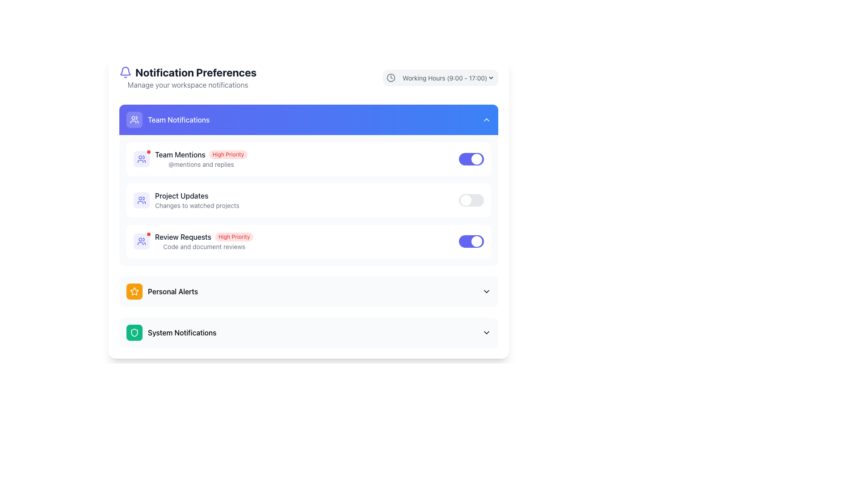 The height and width of the screenshot is (483, 858). I want to click on the 'Team Mentions' and 'High Priority' label, which is styled with bold dark text and a smaller red font, located under the 'Team Notifications' header, so click(201, 154).